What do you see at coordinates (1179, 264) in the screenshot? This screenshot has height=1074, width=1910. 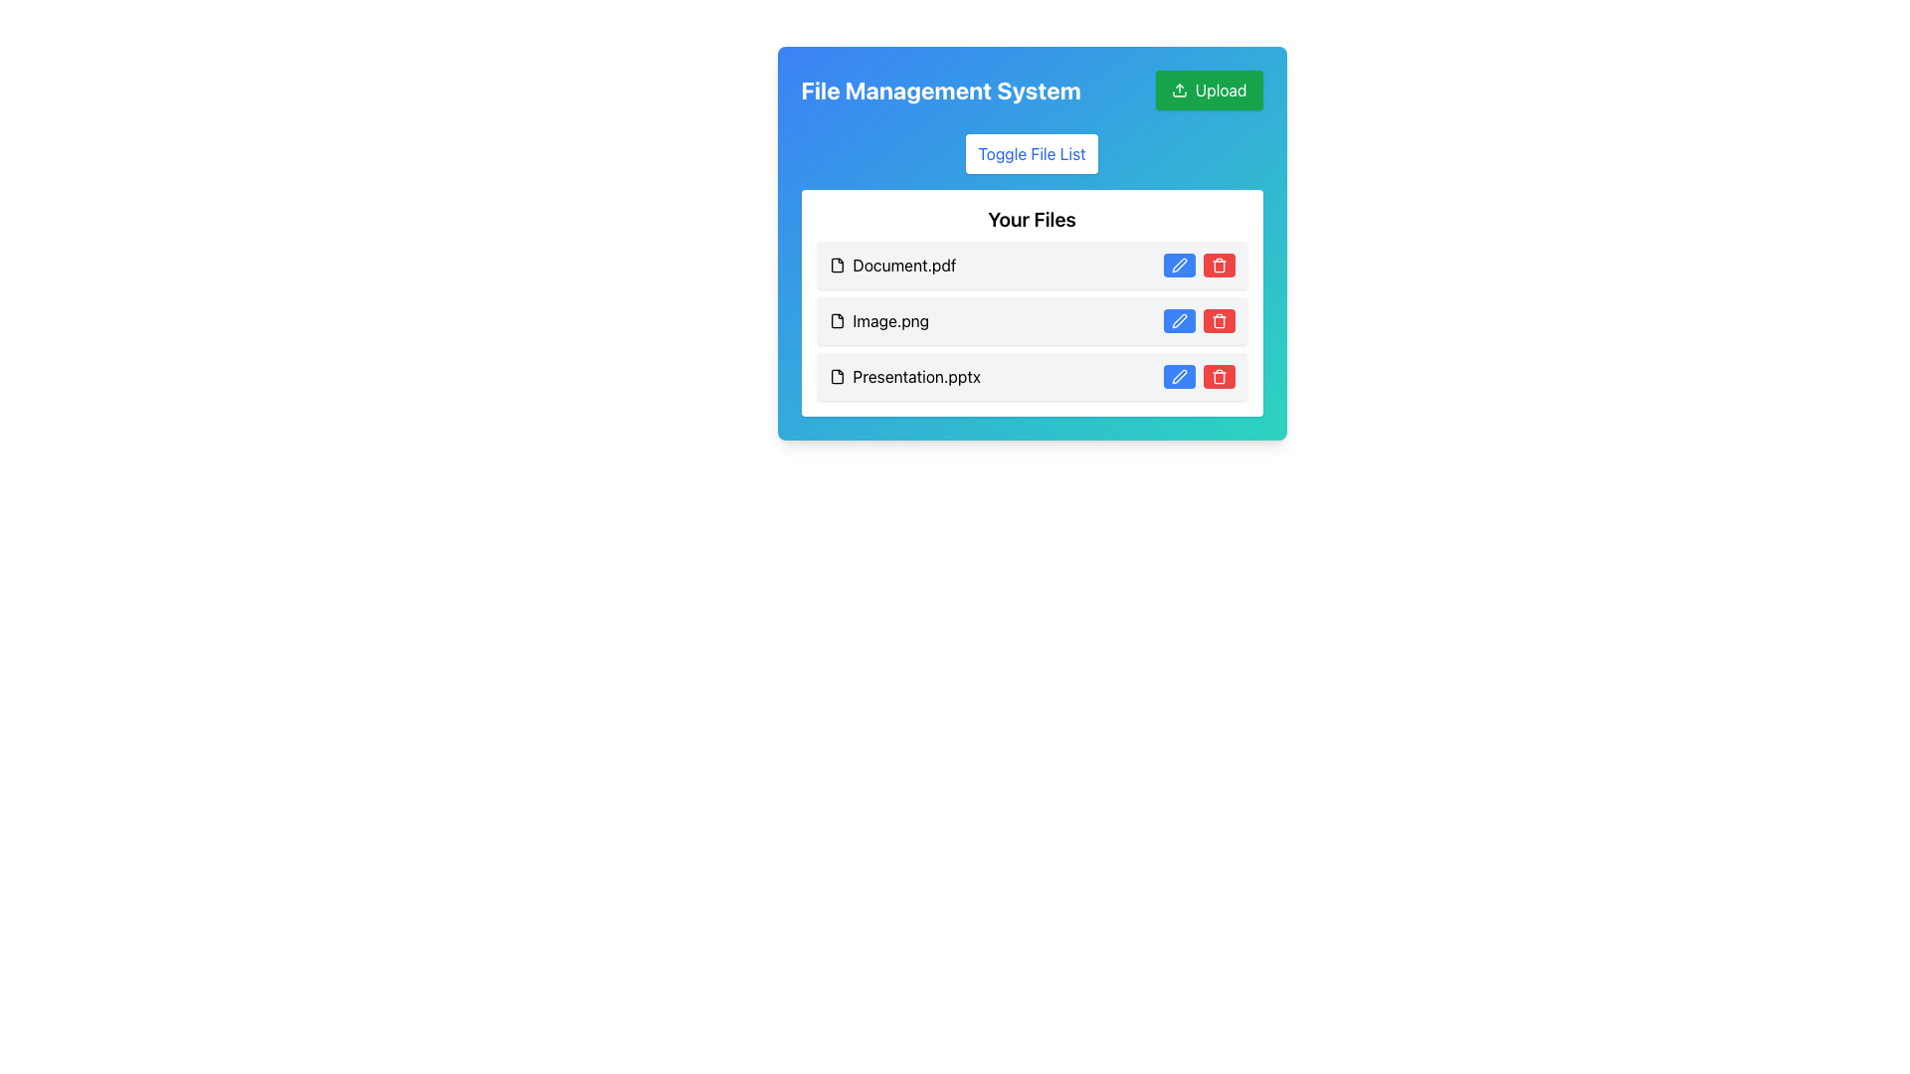 I see `the pen icon button located in the second row of the file list` at bounding box center [1179, 264].